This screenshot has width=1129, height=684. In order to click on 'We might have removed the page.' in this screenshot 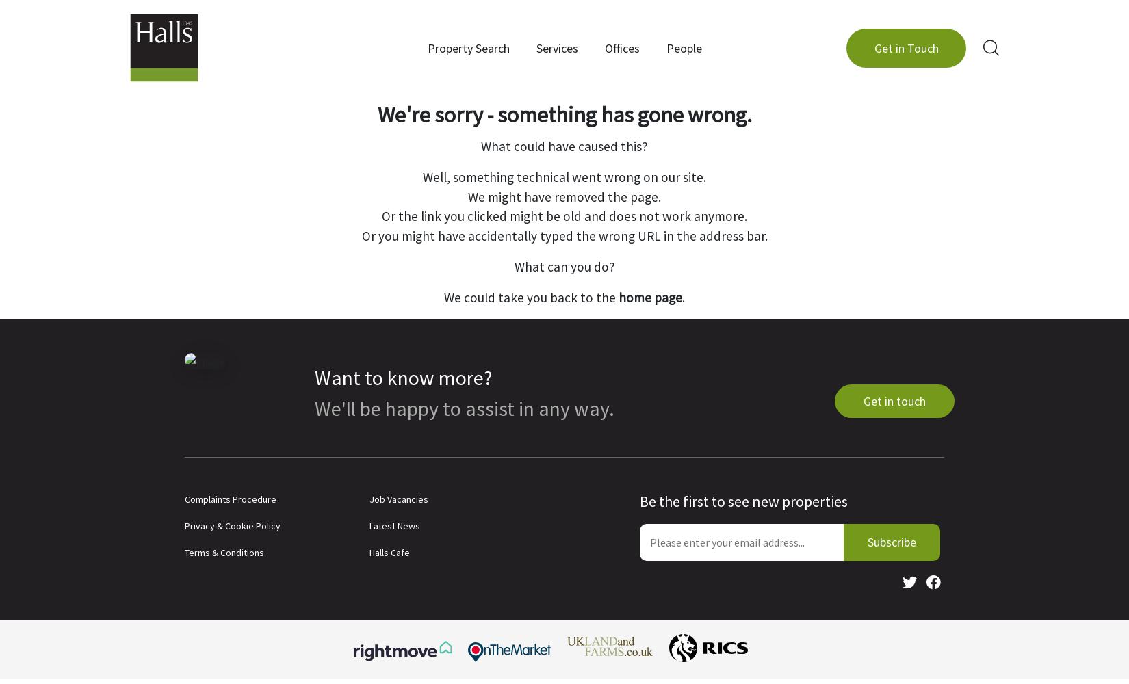, I will do `click(564, 196)`.